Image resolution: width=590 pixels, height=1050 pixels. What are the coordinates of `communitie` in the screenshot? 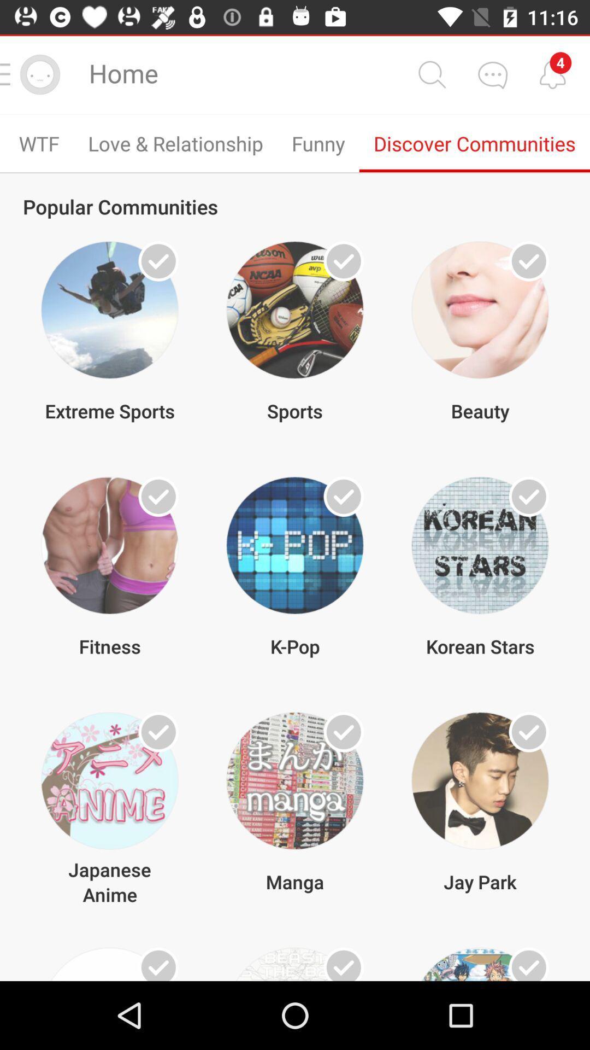 It's located at (343, 732).